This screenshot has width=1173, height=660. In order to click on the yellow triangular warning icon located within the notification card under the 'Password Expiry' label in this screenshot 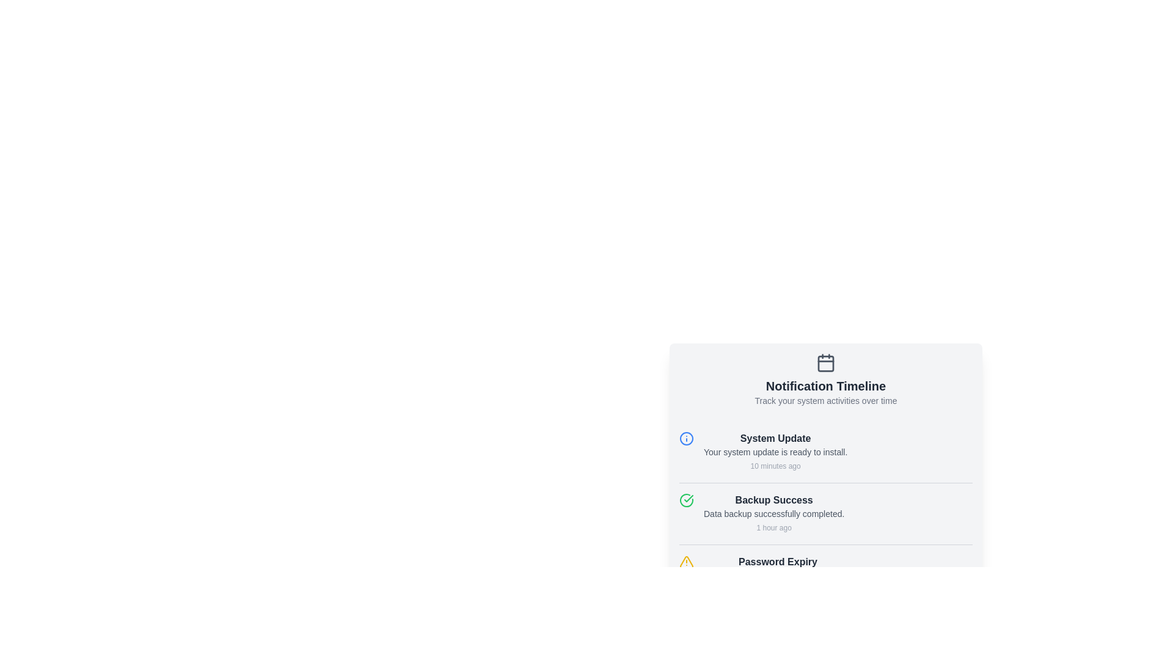, I will do `click(686, 562)`.